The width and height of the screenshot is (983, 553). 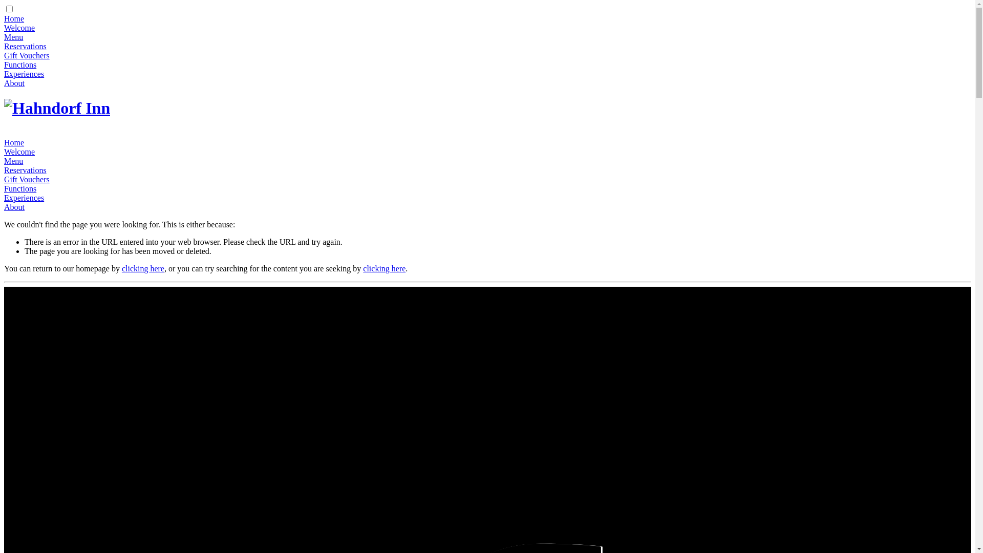 I want to click on 'Home', so click(x=14, y=18).